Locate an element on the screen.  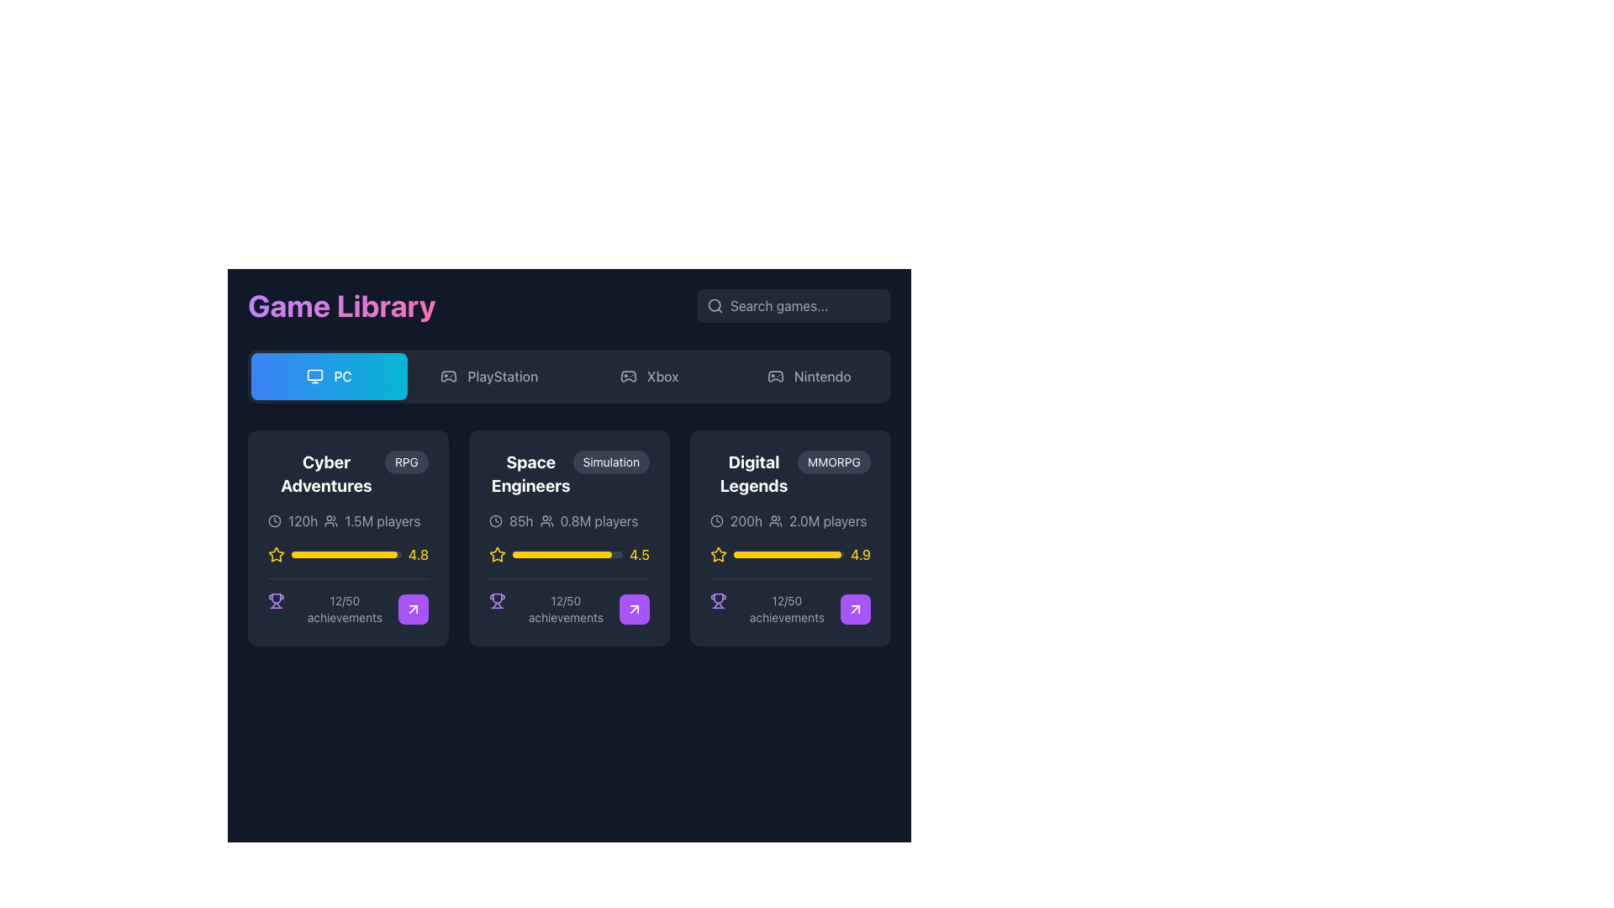
the yellow star icon in the 'Space Engineers' card, which is part of the rating system and indicates user feedback is located at coordinates (277, 554).